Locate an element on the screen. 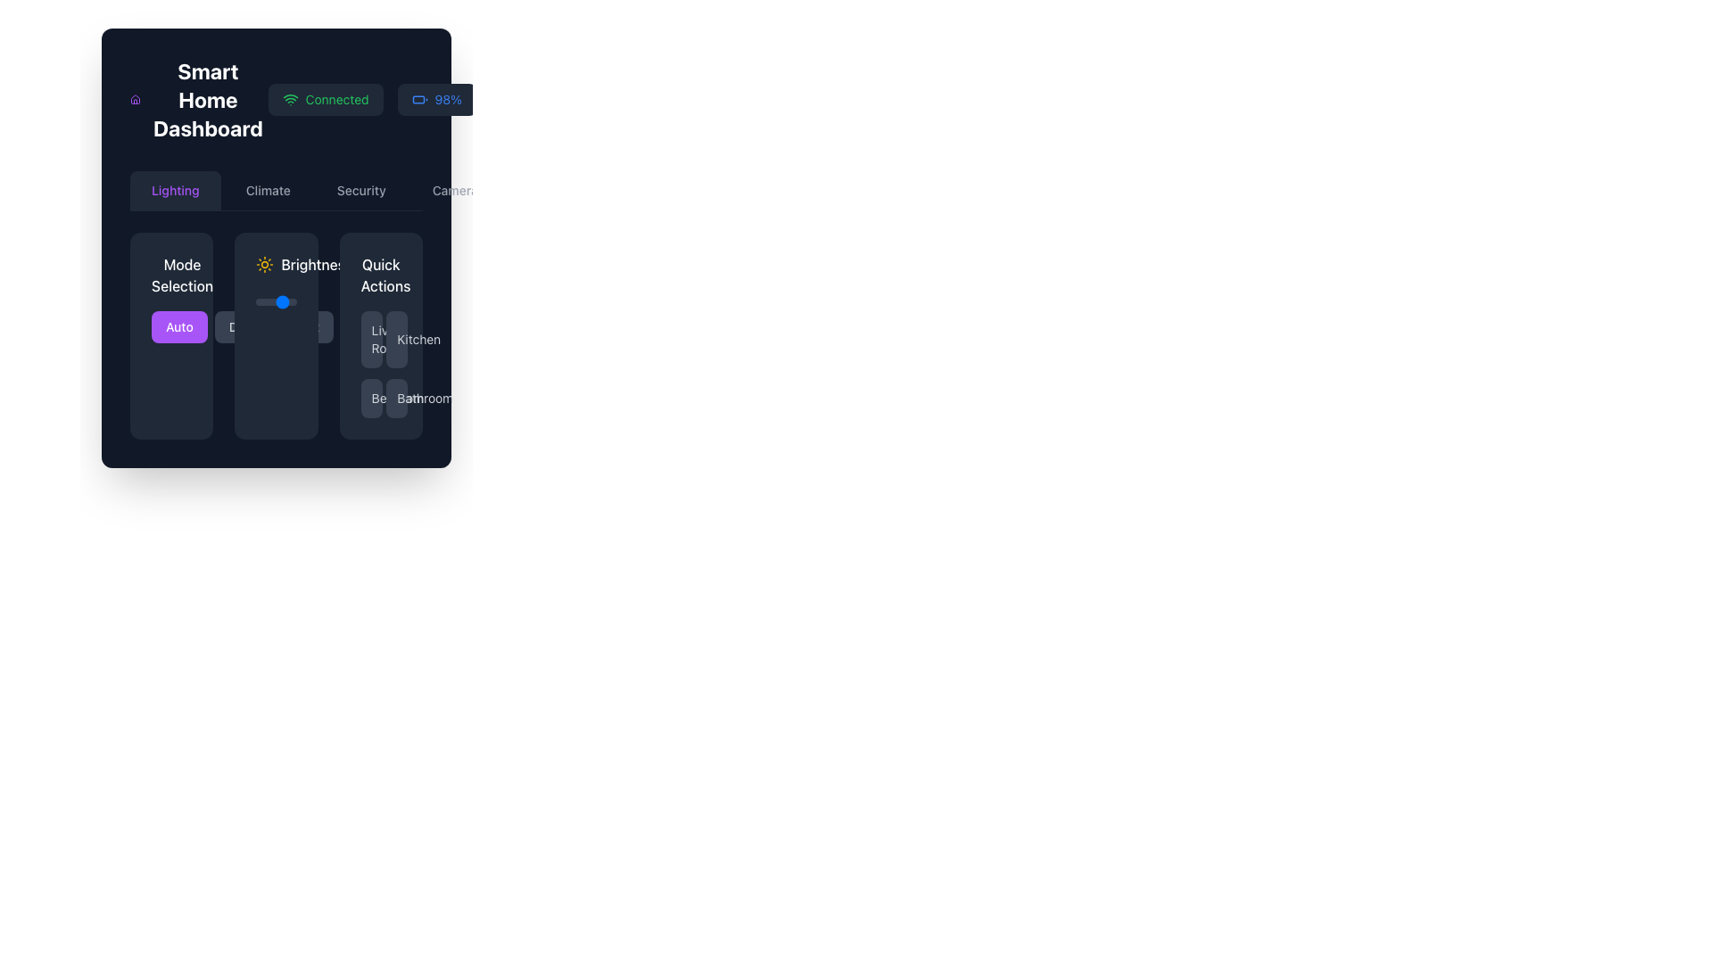 This screenshot has height=963, width=1713. the Kitchen button located in the upper-right cell of the 2x2 grid layout beneath the 'Quick Actions' label is located at coordinates (396, 340).